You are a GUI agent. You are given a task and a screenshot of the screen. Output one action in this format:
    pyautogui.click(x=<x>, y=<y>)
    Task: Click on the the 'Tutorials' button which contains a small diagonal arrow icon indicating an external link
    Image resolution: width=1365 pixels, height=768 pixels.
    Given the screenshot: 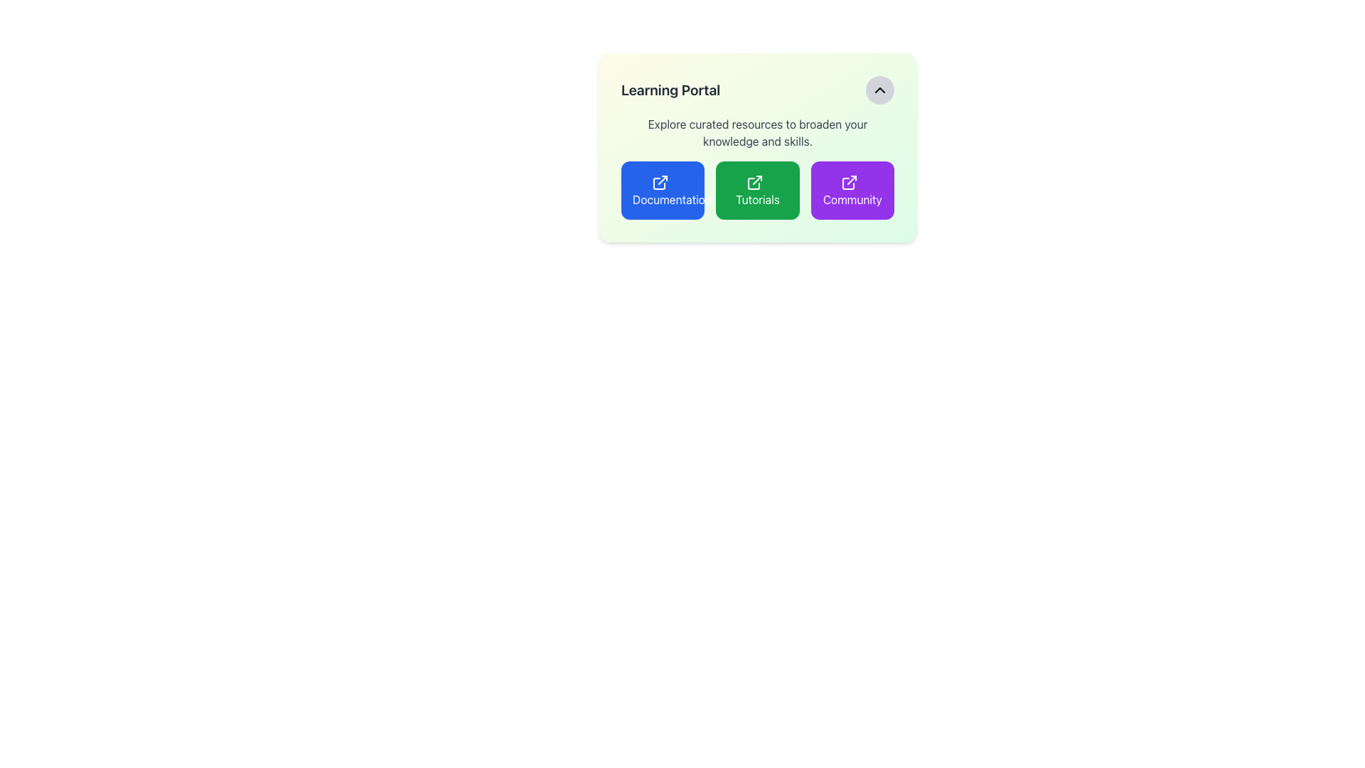 What is the action you would take?
    pyautogui.click(x=756, y=179)
    